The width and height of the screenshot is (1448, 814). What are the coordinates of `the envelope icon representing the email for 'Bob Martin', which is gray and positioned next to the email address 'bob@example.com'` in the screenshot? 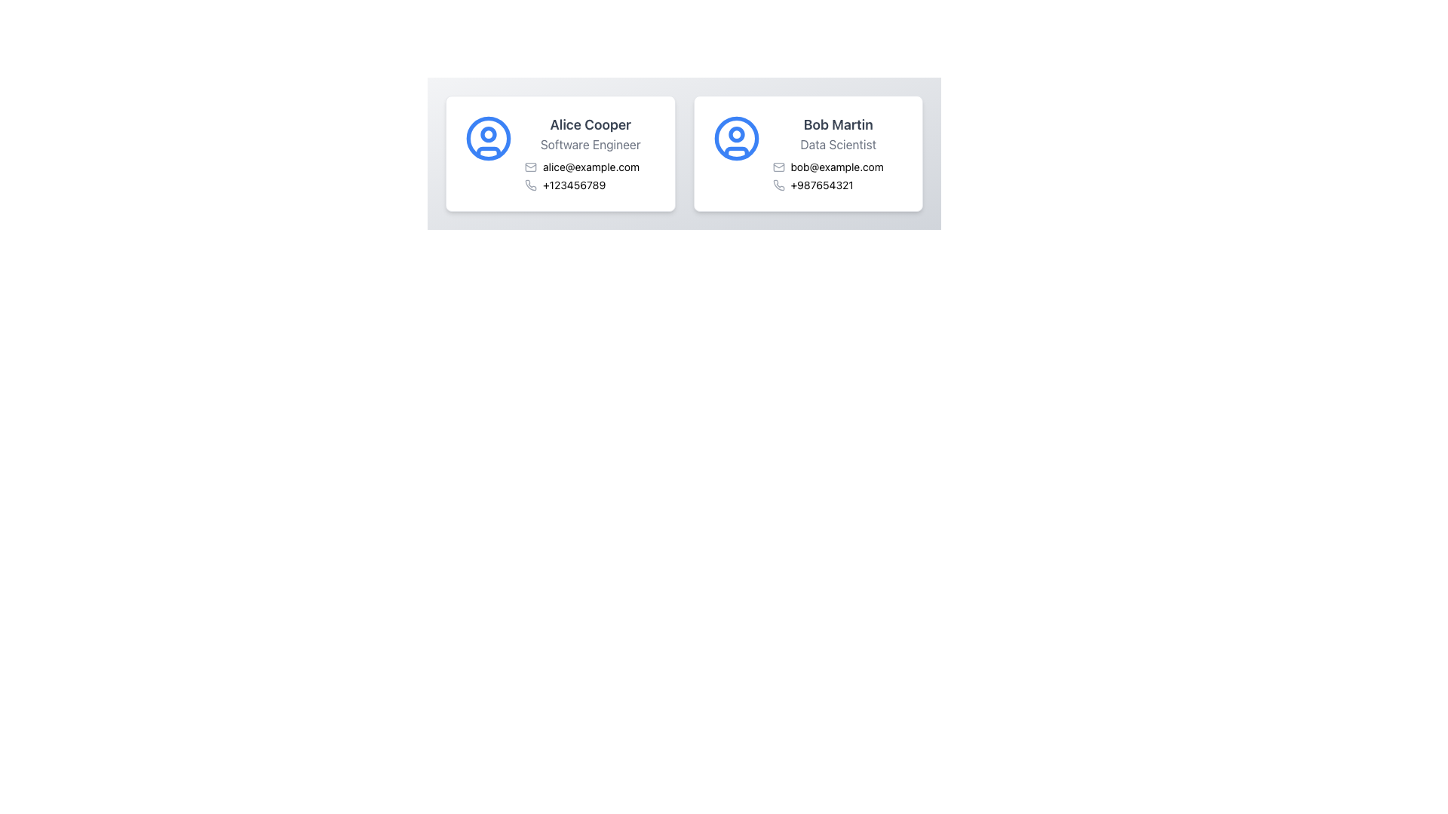 It's located at (778, 167).